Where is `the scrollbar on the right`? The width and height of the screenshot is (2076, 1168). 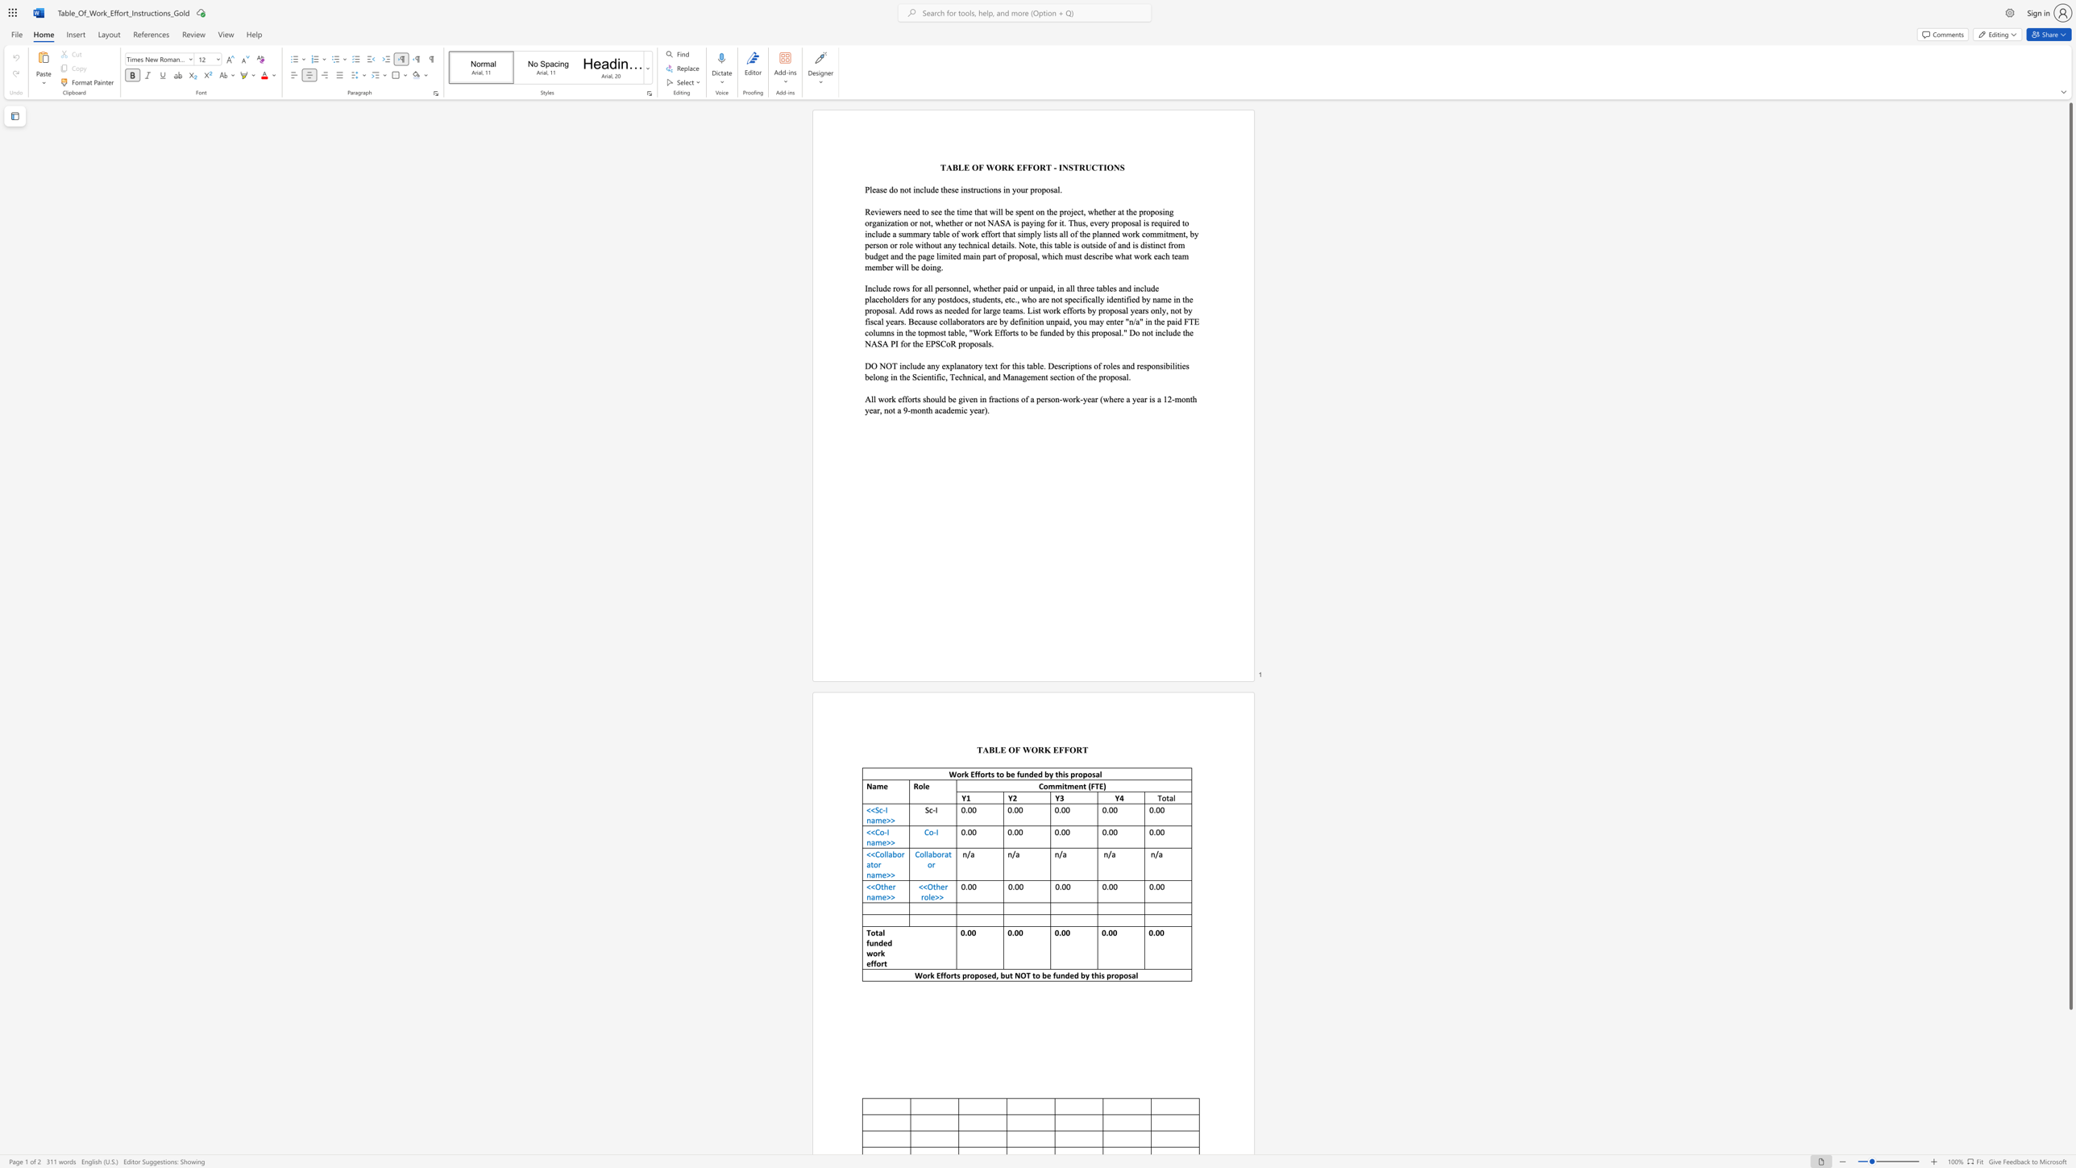
the scrollbar on the right is located at coordinates (2070, 1049).